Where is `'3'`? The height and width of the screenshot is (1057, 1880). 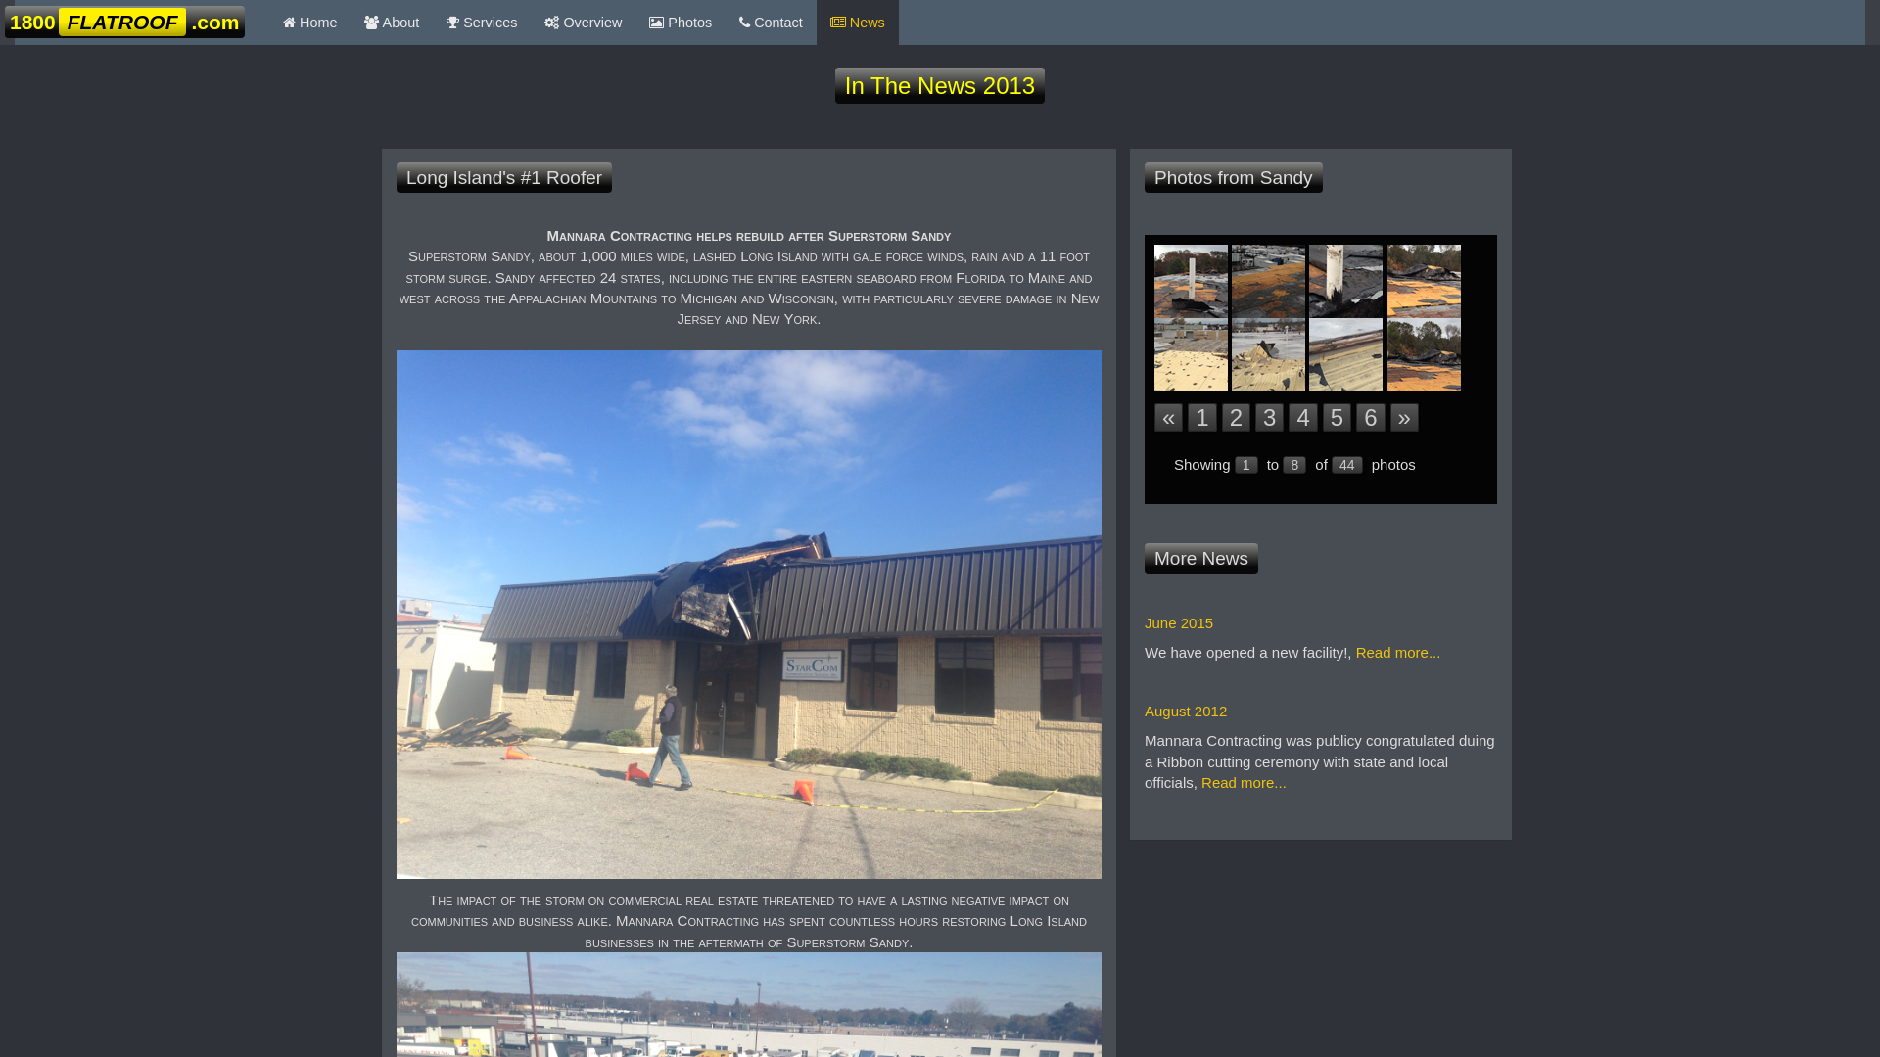
'3' is located at coordinates (1269, 416).